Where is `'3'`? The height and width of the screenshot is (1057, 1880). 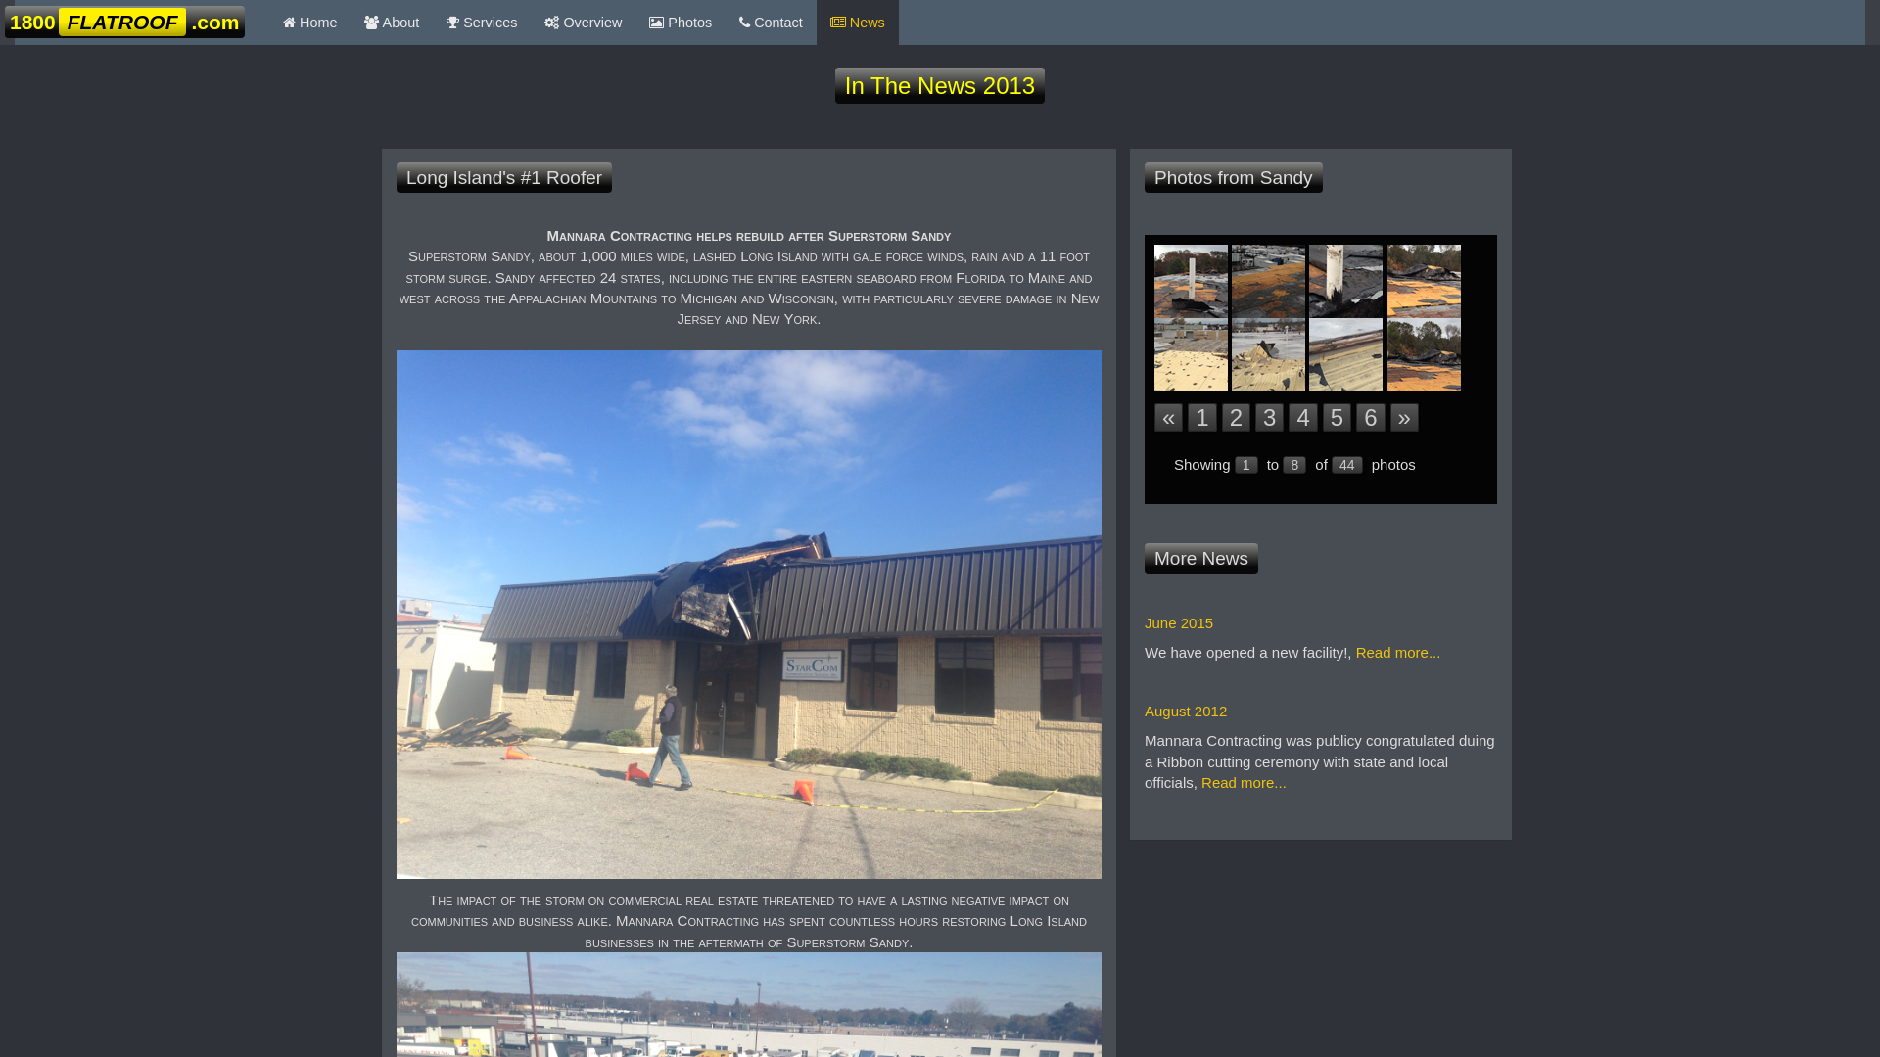
'3' is located at coordinates (1269, 416).